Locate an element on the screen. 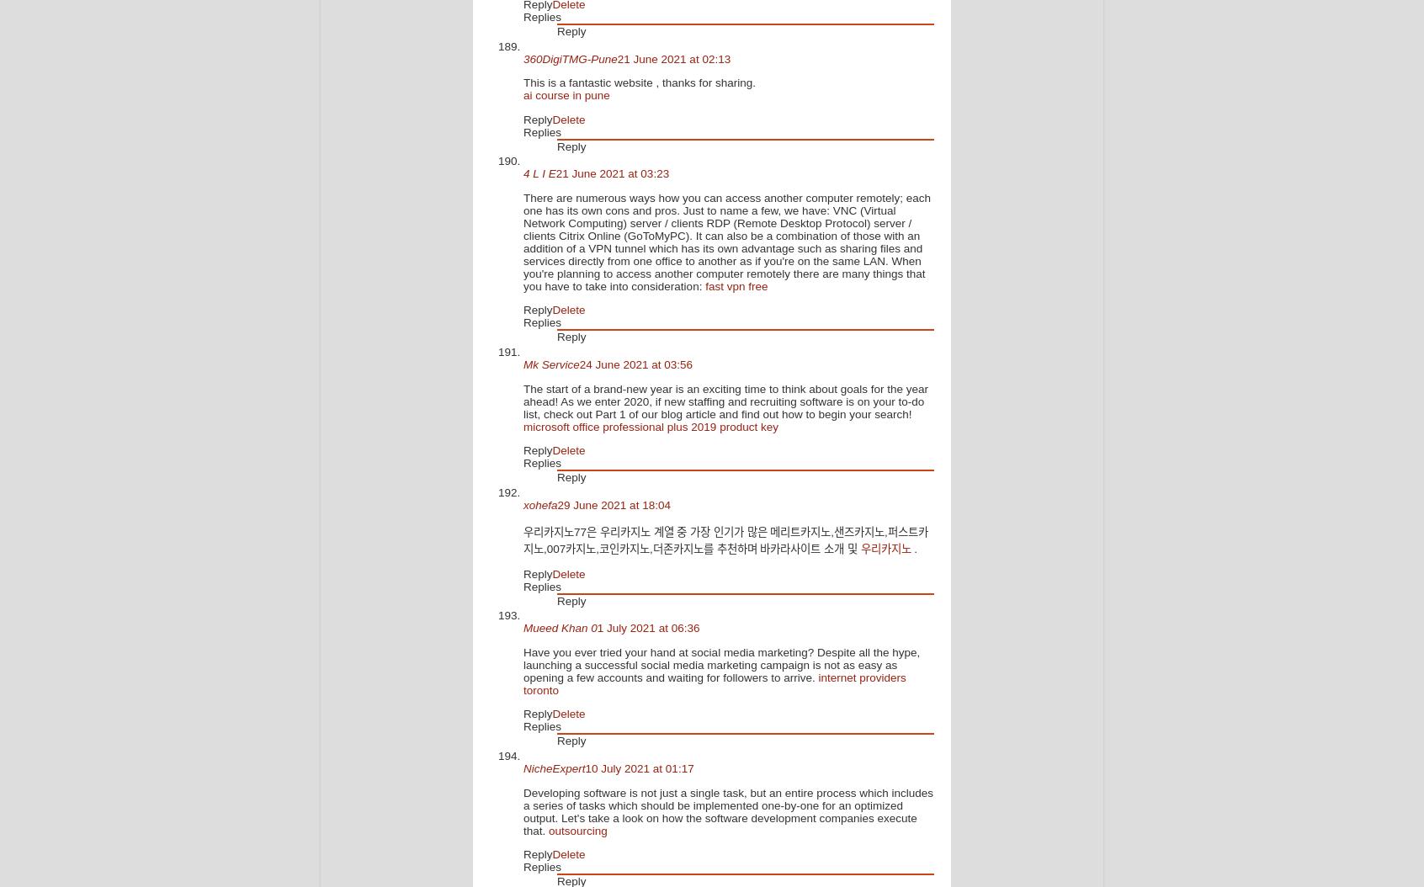  '.' is located at coordinates (915, 549).